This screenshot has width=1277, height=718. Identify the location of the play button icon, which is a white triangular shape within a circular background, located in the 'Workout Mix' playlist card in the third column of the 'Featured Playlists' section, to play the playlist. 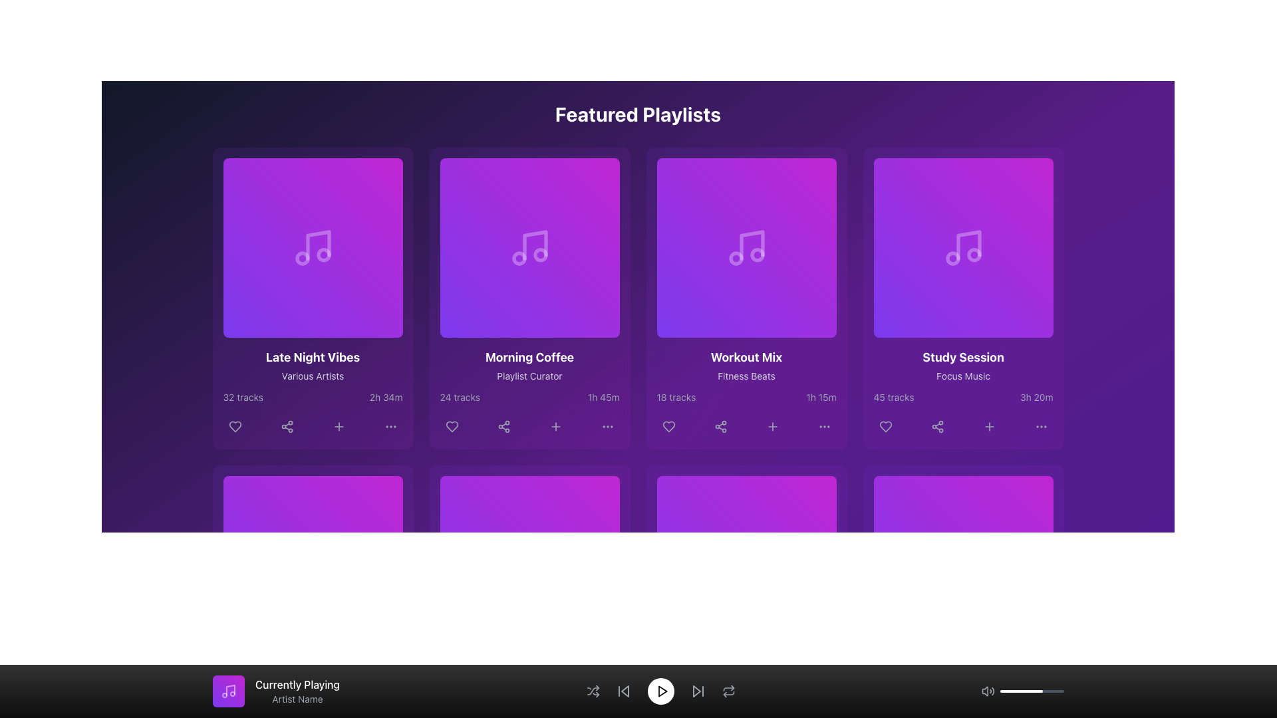
(748, 248).